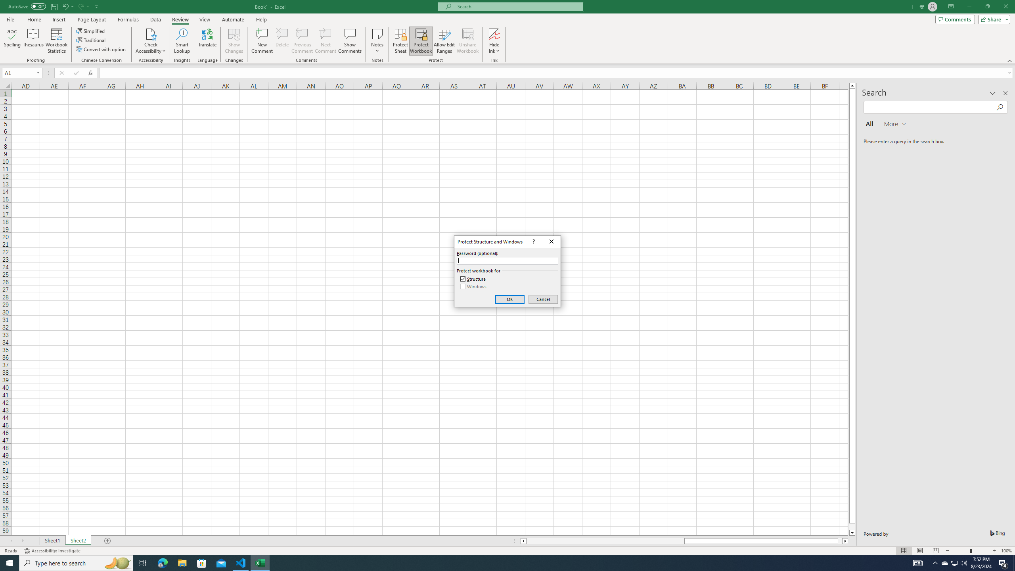 The height and width of the screenshot is (571, 1015). What do you see at coordinates (33, 41) in the screenshot?
I see `'Thesaurus...'` at bounding box center [33, 41].